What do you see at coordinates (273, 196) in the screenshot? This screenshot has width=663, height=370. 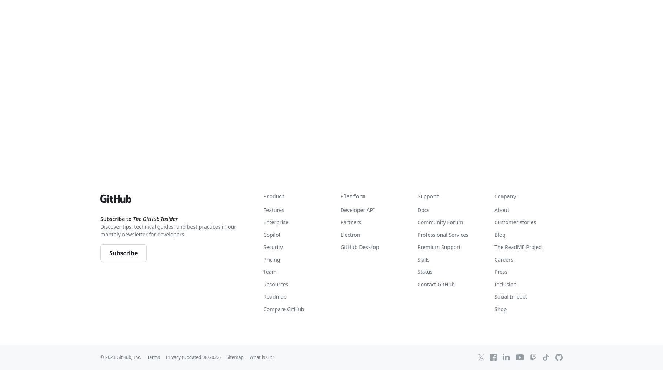 I see `'Product'` at bounding box center [273, 196].